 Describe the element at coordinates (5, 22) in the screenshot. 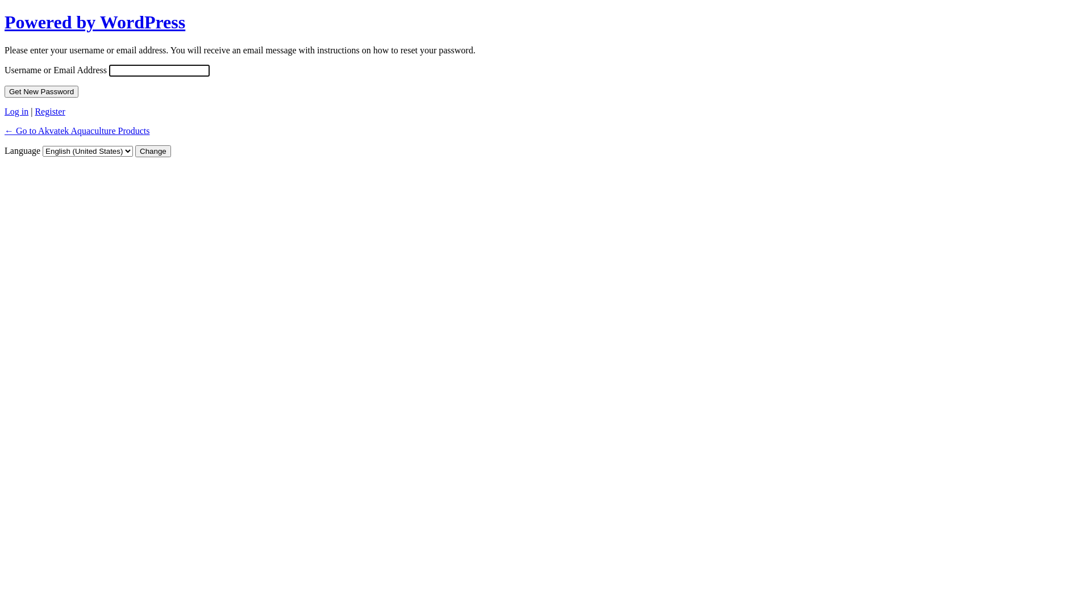

I see `'Powered by WordPress'` at that location.